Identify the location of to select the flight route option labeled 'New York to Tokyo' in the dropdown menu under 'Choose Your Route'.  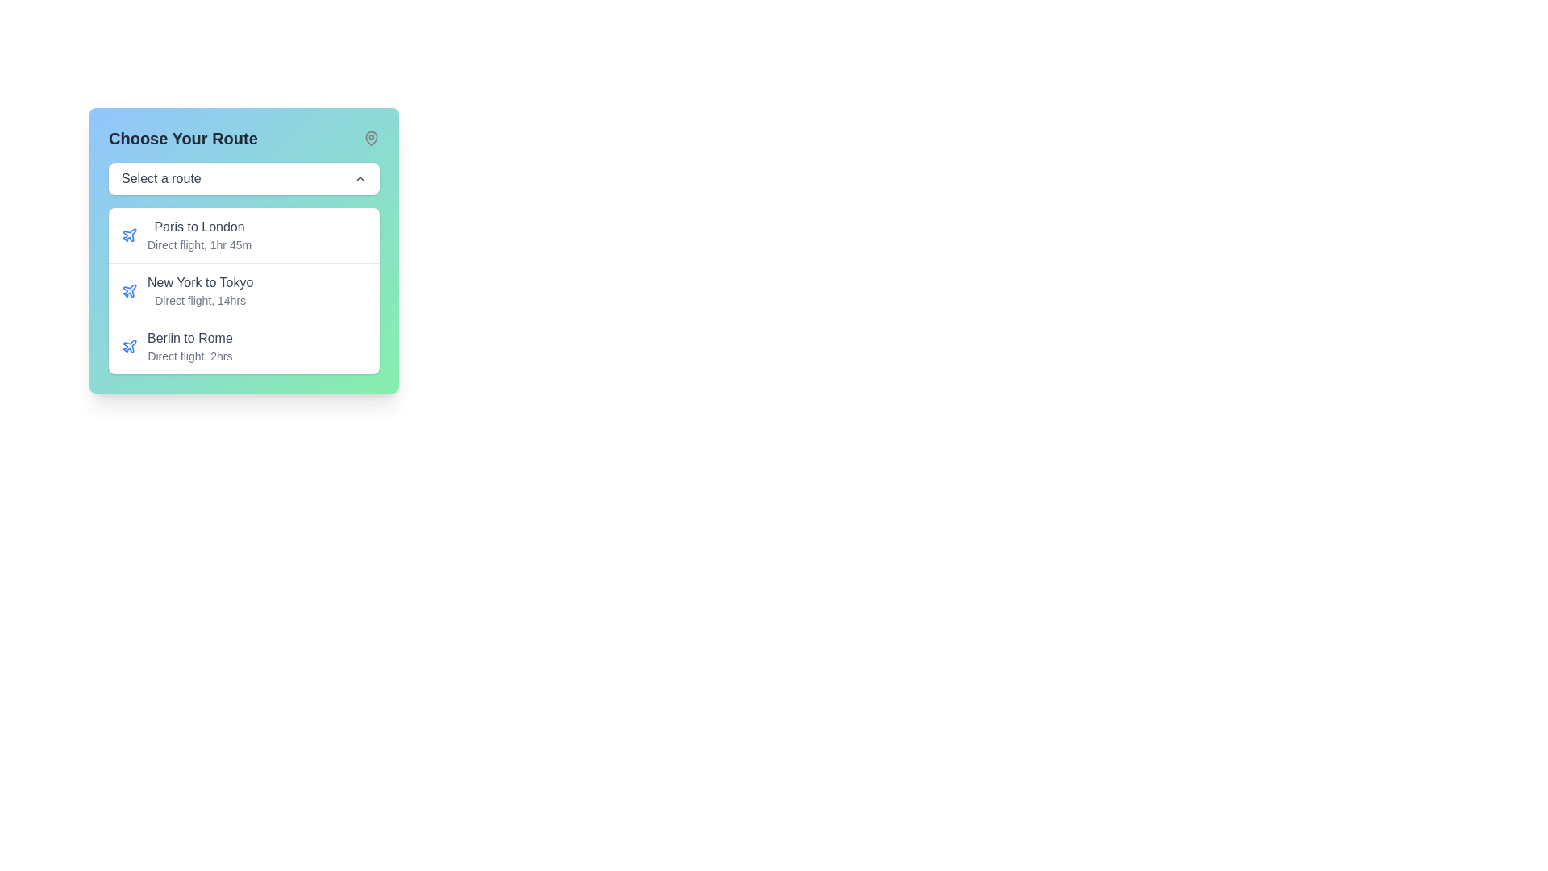
(199, 291).